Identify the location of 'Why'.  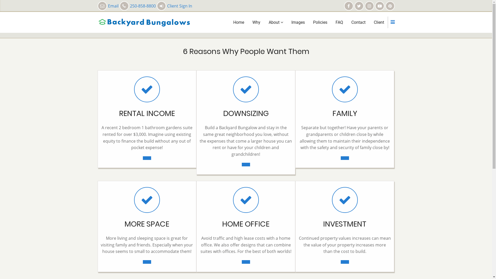
(248, 22).